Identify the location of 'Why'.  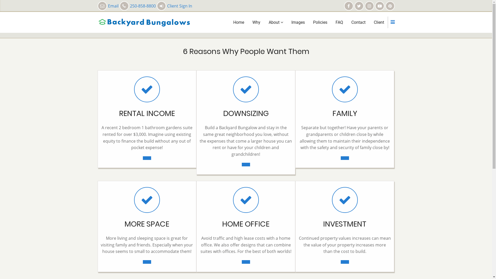
(248, 22).